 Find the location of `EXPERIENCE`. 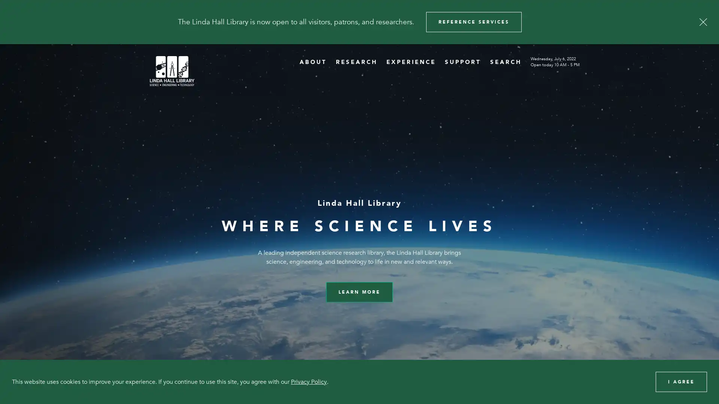

EXPERIENCE is located at coordinates (411, 61).